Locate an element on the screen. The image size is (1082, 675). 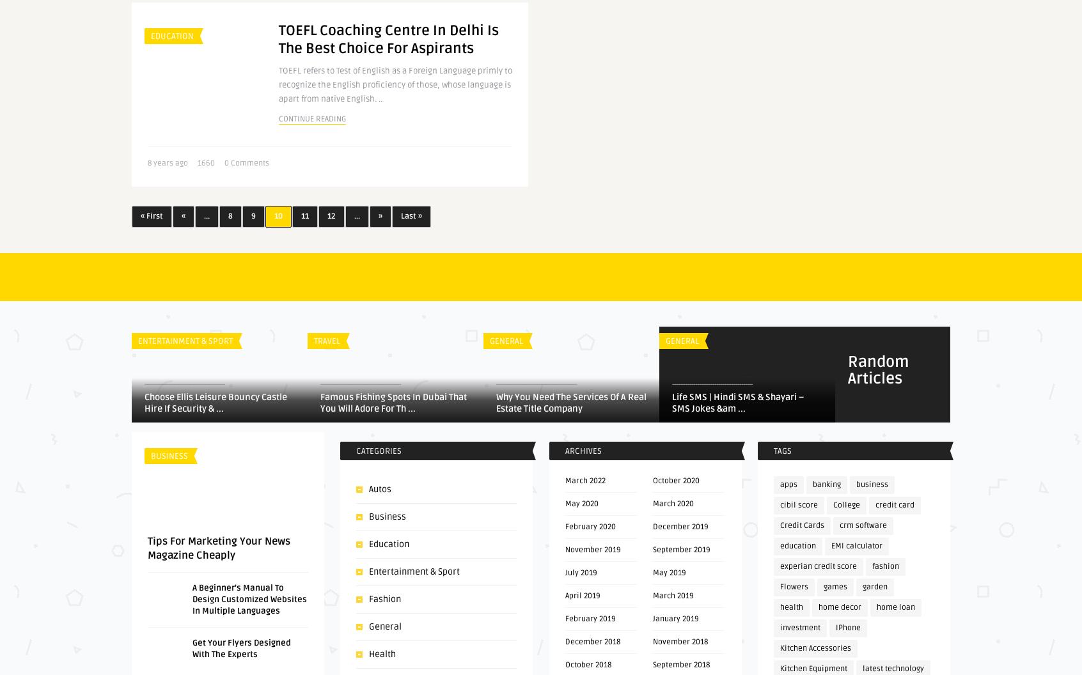
'Tags' is located at coordinates (782, 451).